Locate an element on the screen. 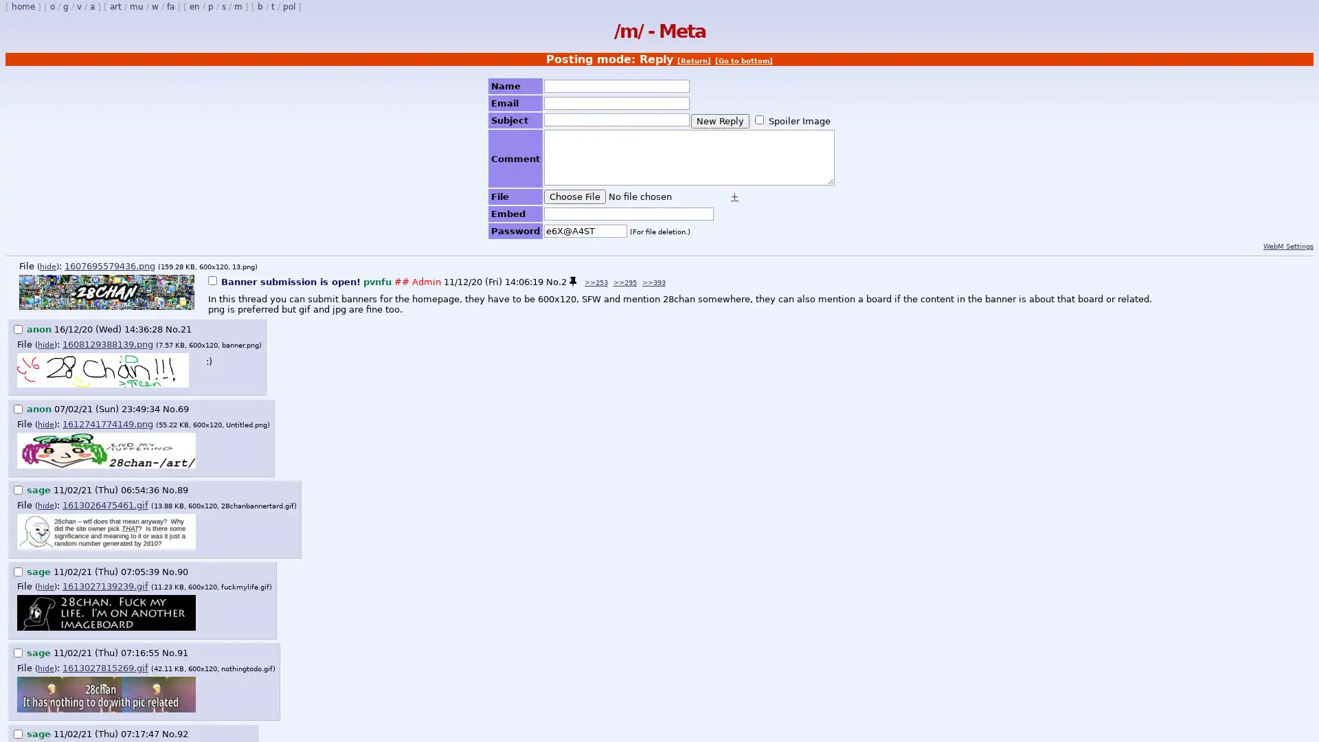 This screenshot has width=1319, height=742. Choose File is located at coordinates (574, 196).